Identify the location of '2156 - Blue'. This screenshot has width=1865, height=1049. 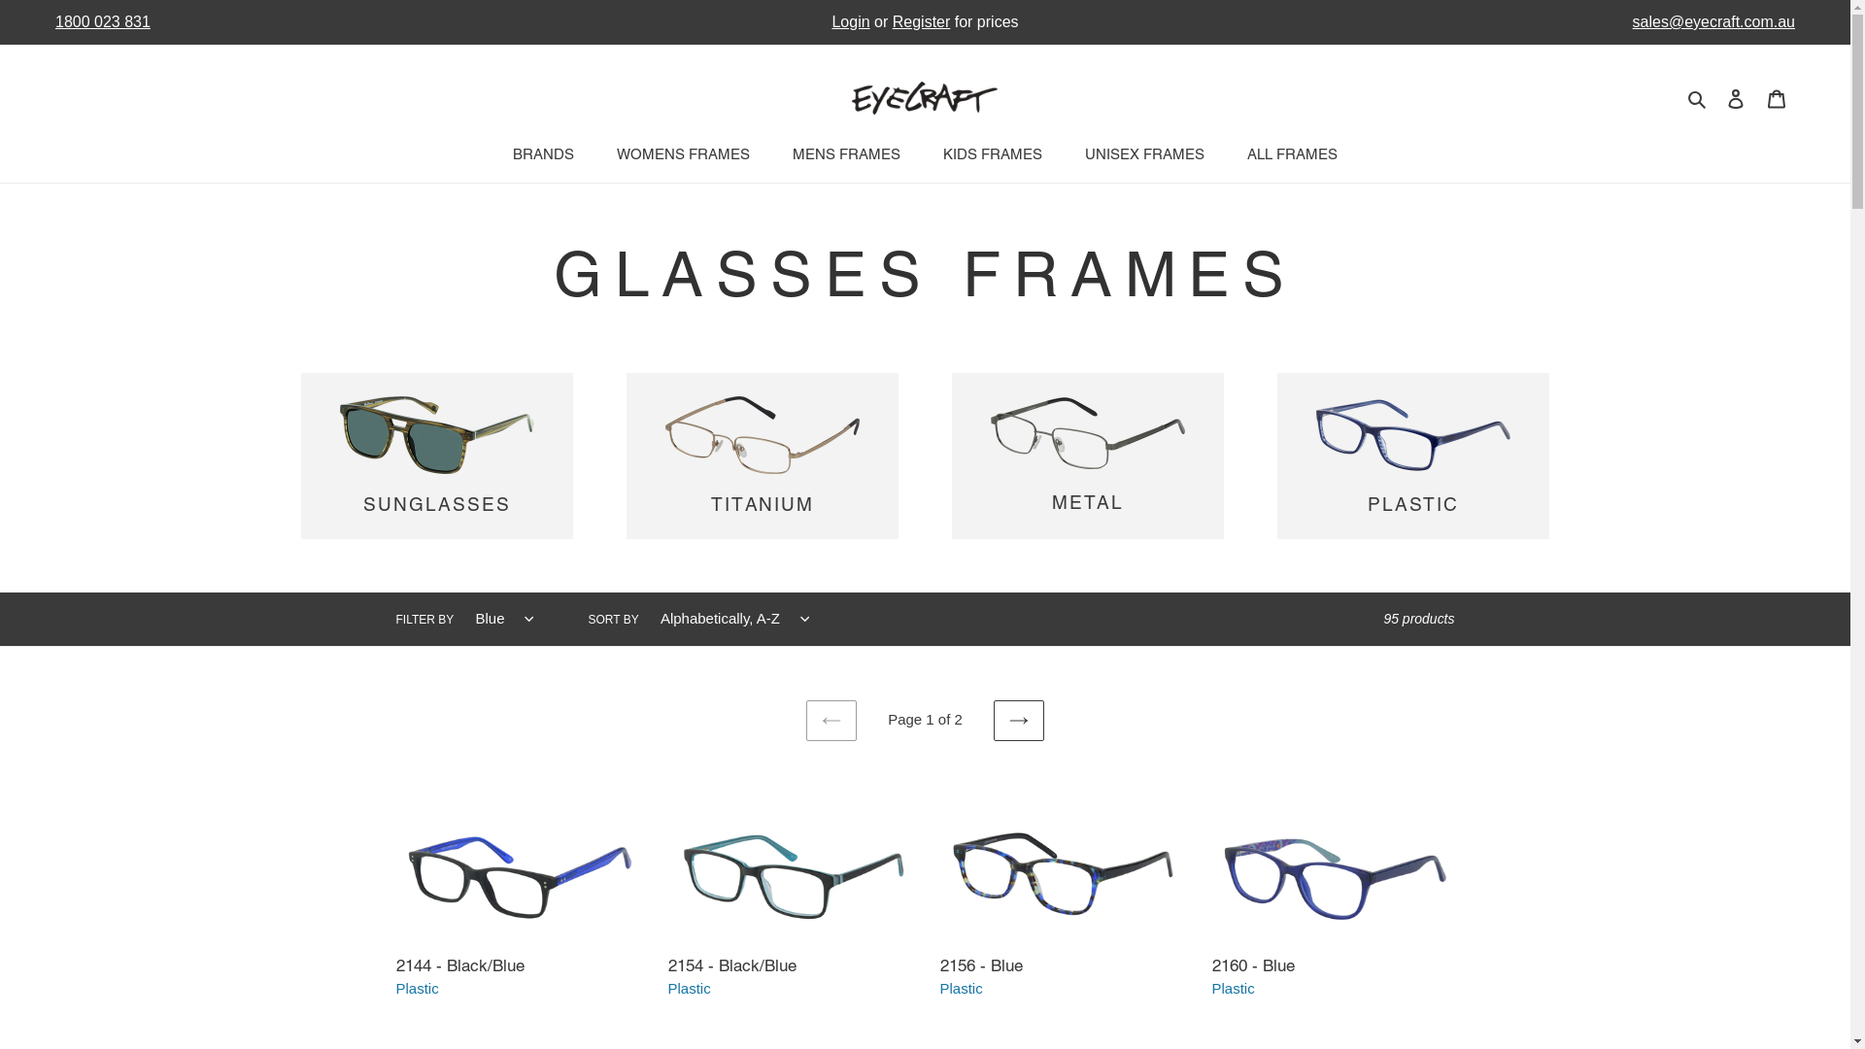
(940, 886).